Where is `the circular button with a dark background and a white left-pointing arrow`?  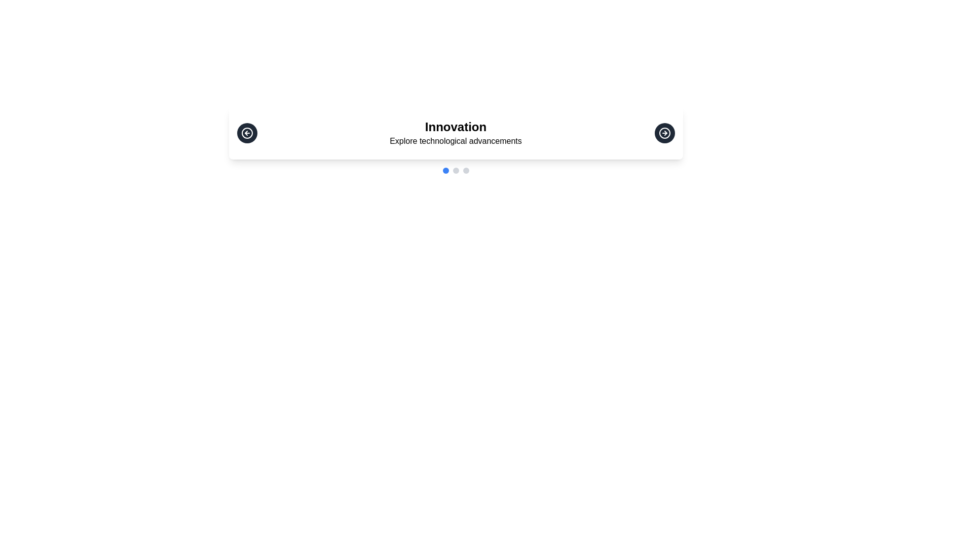 the circular button with a dark background and a white left-pointing arrow is located at coordinates (247, 132).